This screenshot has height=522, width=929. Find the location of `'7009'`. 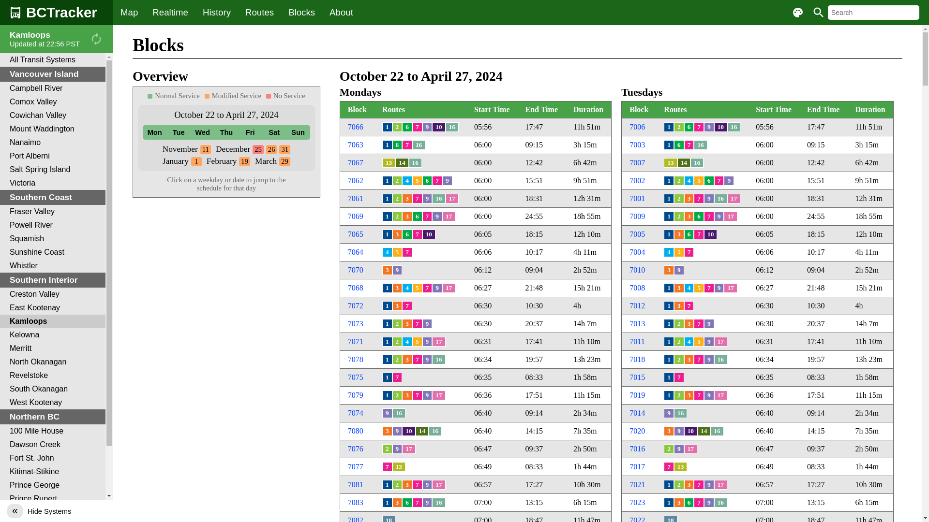

'7009' is located at coordinates (629, 216).